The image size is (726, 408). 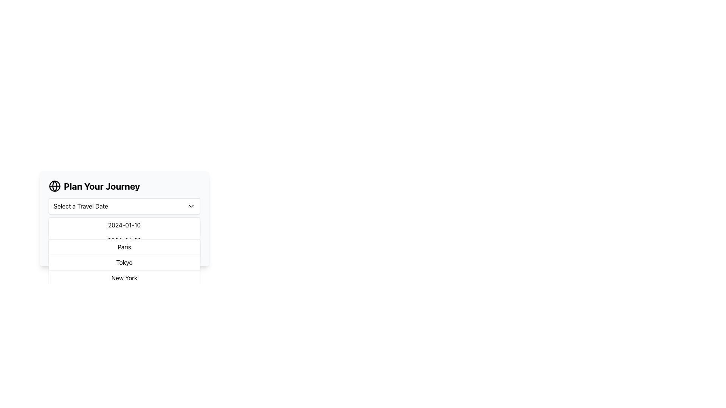 What do you see at coordinates (124, 247) in the screenshot?
I see `the first list item displaying 'Paris' in a dropdown menu` at bounding box center [124, 247].